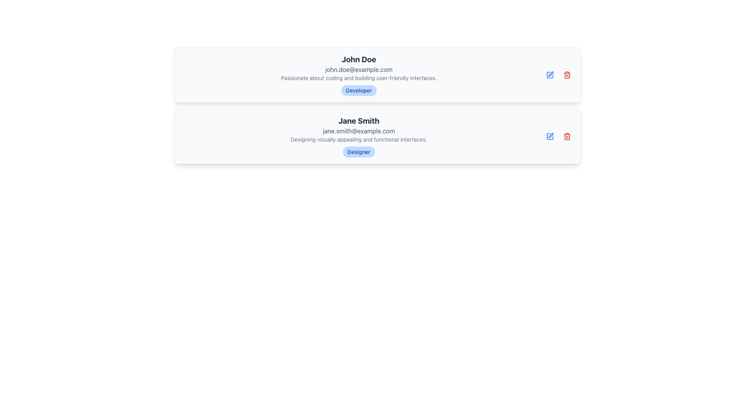  Describe the element at coordinates (567, 136) in the screenshot. I see `the vibrant red trash bin icon button, which is the second button in a row of action buttons located to the top-right of the user entry for 'Jane Smith'` at that location.